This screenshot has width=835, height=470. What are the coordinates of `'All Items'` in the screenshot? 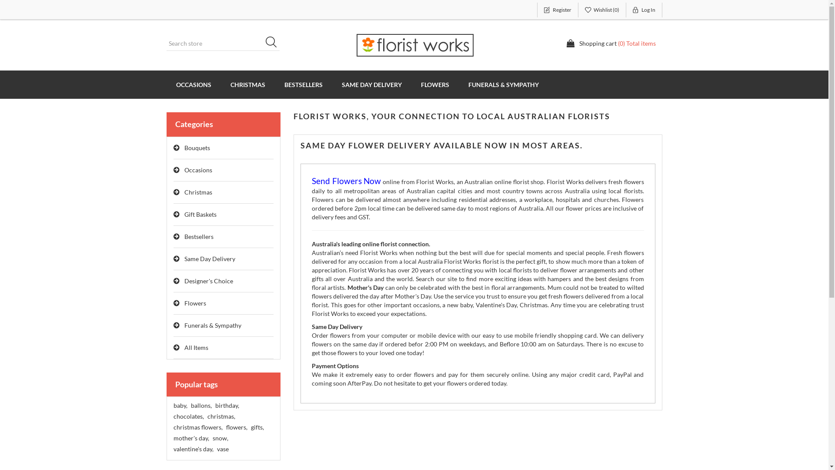 It's located at (173, 347).